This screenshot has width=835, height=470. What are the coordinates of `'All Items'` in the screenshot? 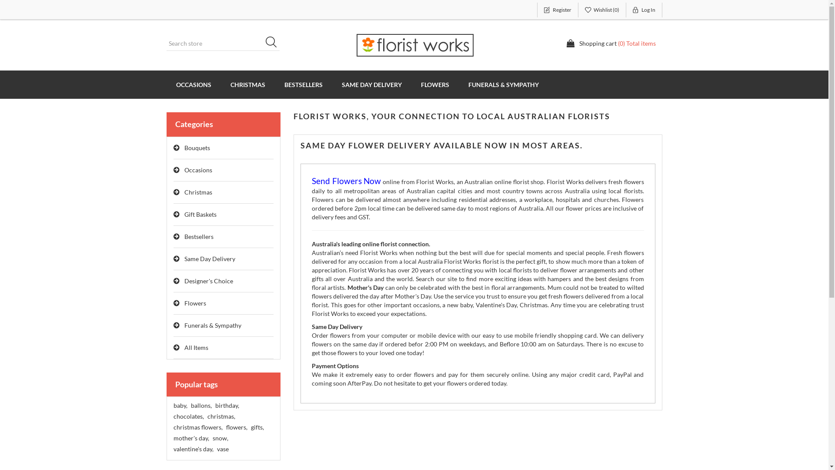 It's located at (173, 347).